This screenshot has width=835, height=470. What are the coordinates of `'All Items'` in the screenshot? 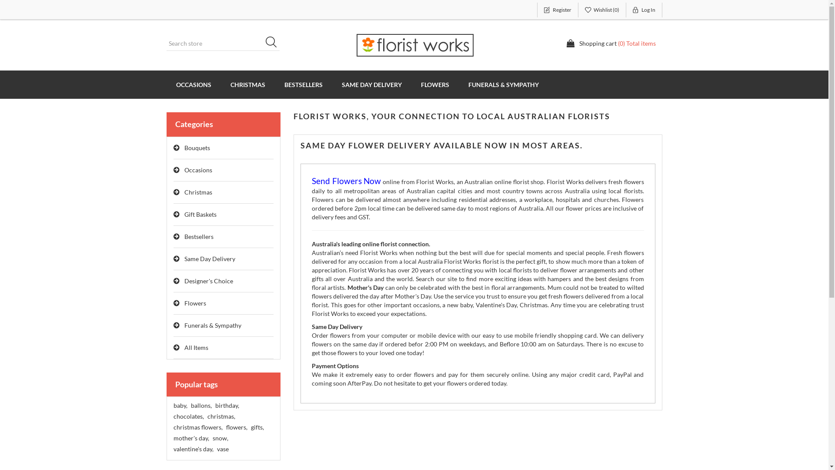 It's located at (173, 347).